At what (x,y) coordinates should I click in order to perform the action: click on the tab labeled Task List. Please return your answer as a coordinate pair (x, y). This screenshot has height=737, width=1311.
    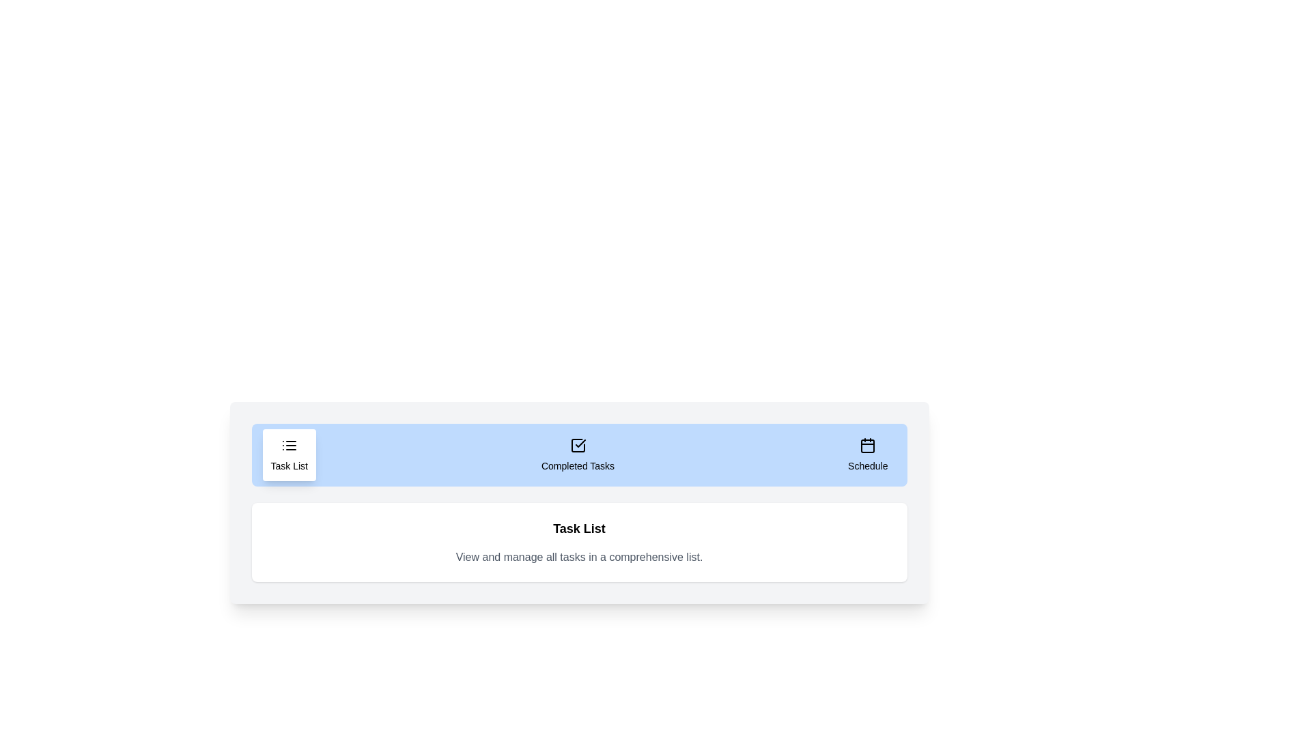
    Looking at the image, I should click on (287, 455).